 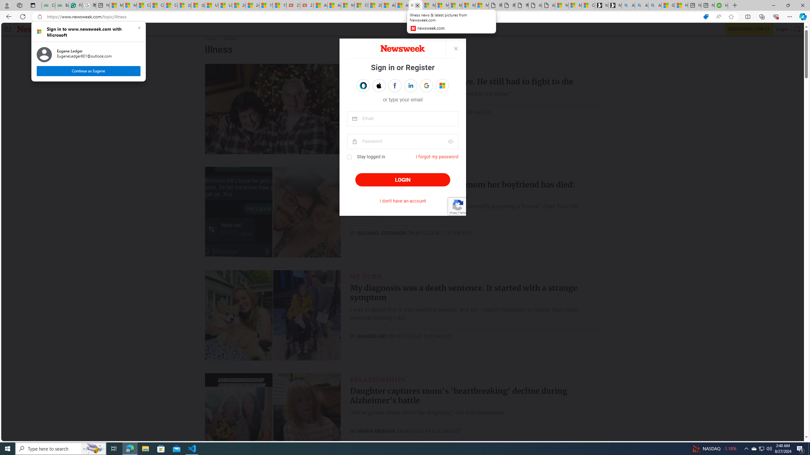 What do you see at coordinates (366, 276) in the screenshot?
I see `'MY TURN'` at bounding box center [366, 276].